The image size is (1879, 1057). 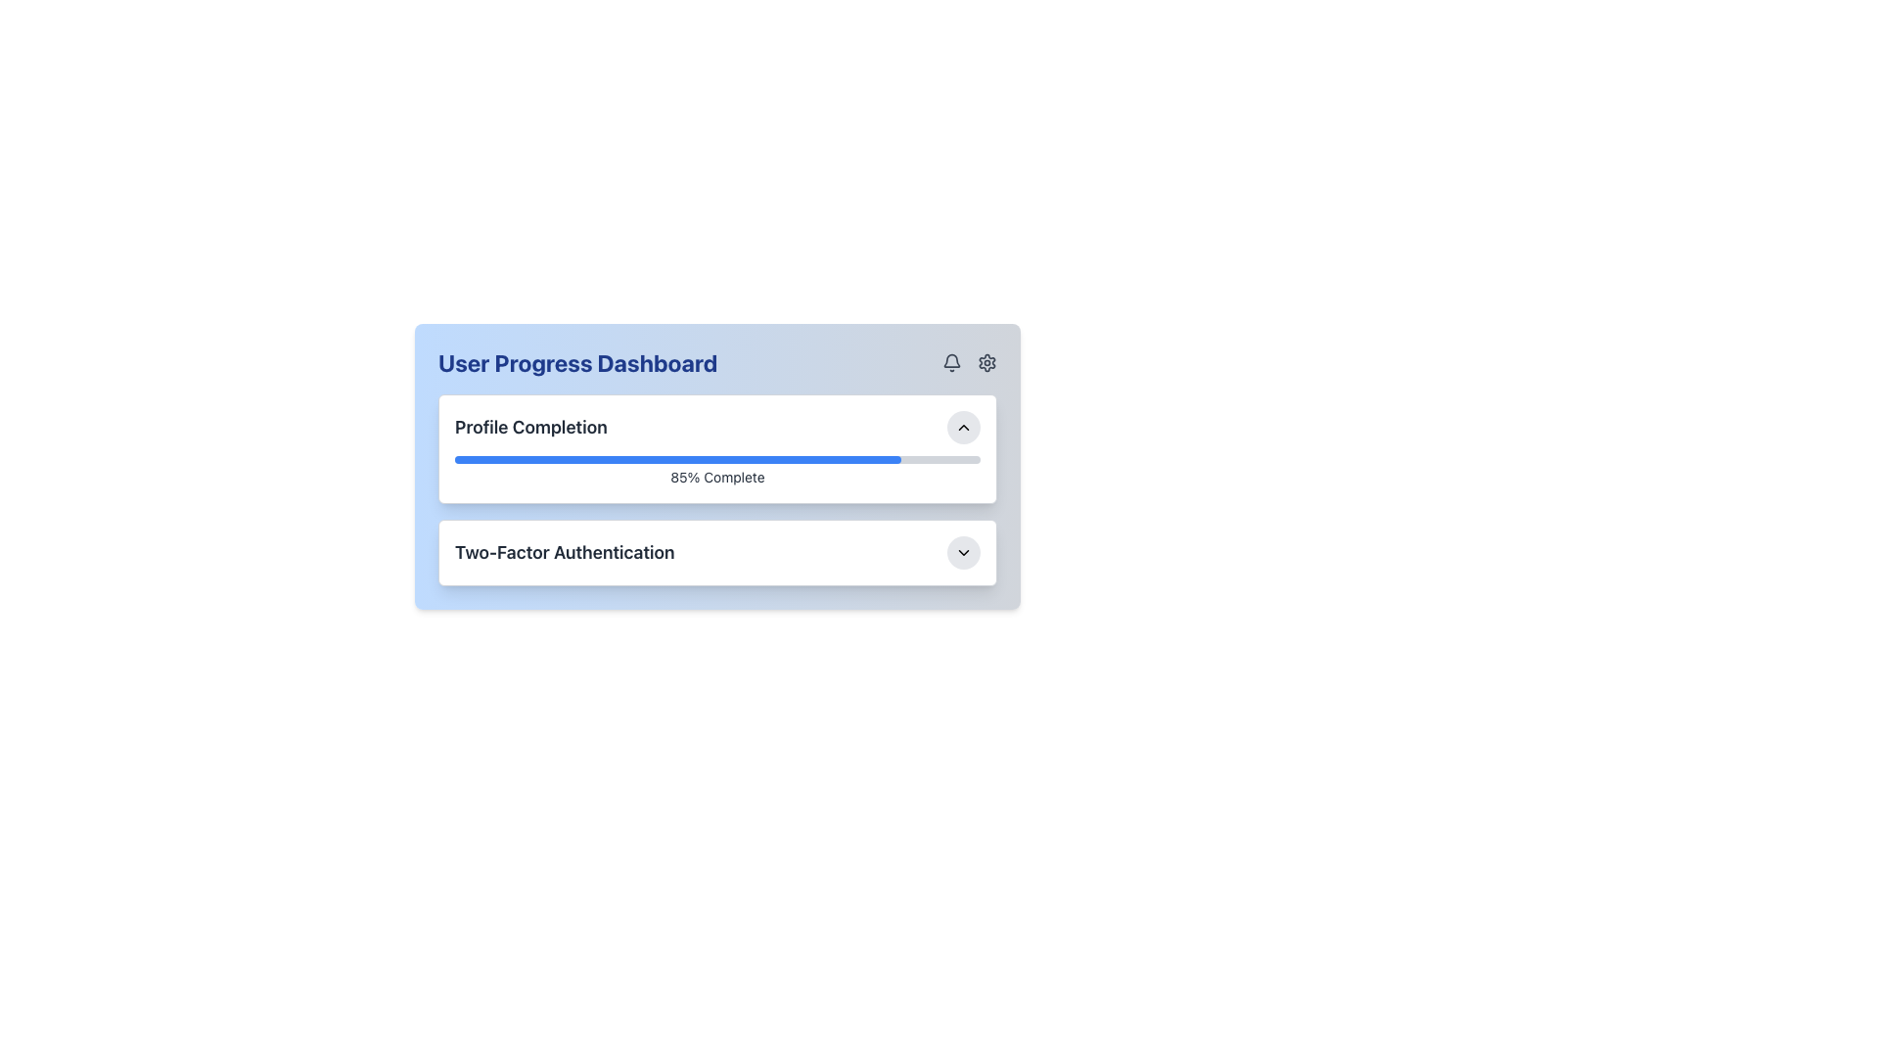 What do you see at coordinates (963, 426) in the screenshot?
I see `the small circular button with a pale gray background and an upward-pointing chevron icon in black located at the far right end of the 'Profile Completion' section` at bounding box center [963, 426].